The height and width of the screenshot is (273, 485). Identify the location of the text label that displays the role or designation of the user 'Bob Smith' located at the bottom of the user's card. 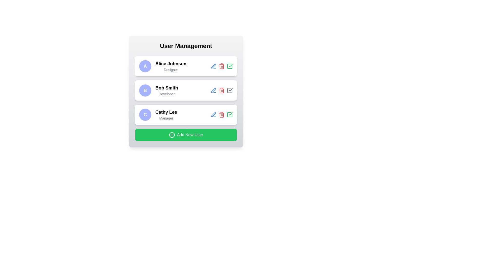
(167, 94).